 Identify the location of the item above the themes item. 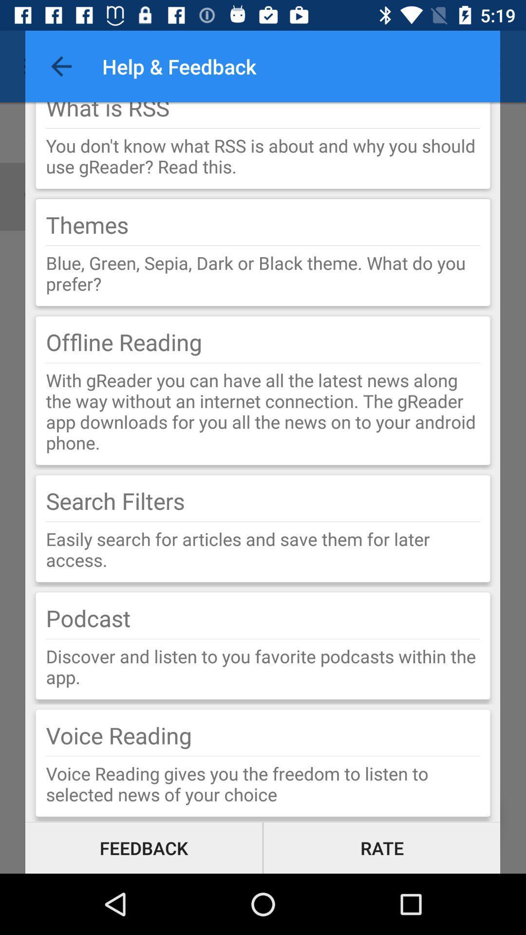
(263, 156).